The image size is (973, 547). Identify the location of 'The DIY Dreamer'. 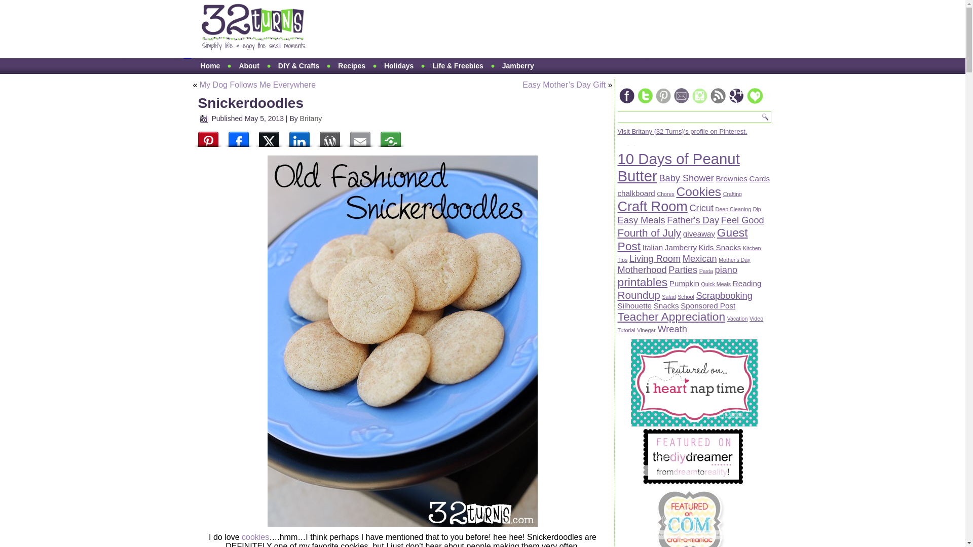
(693, 482).